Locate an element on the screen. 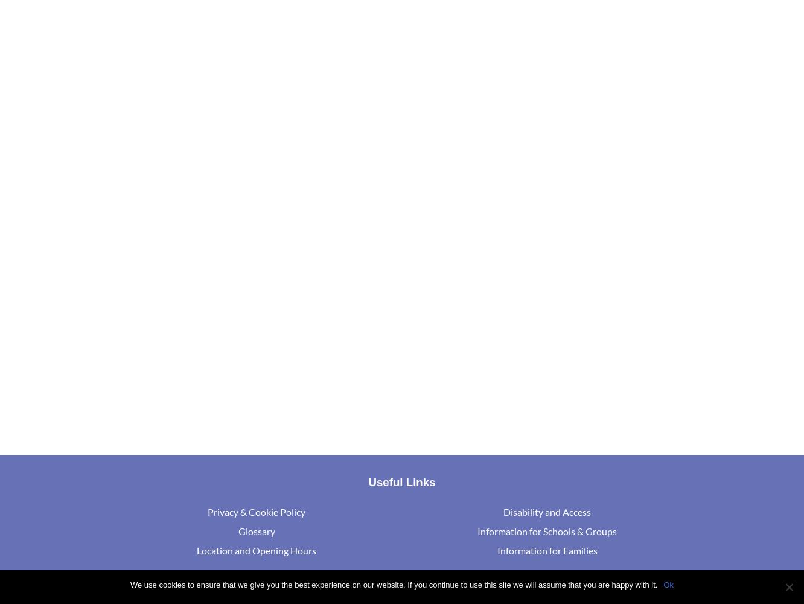 This screenshot has height=604, width=804. 'Location and Opening Hours' is located at coordinates (256, 550).